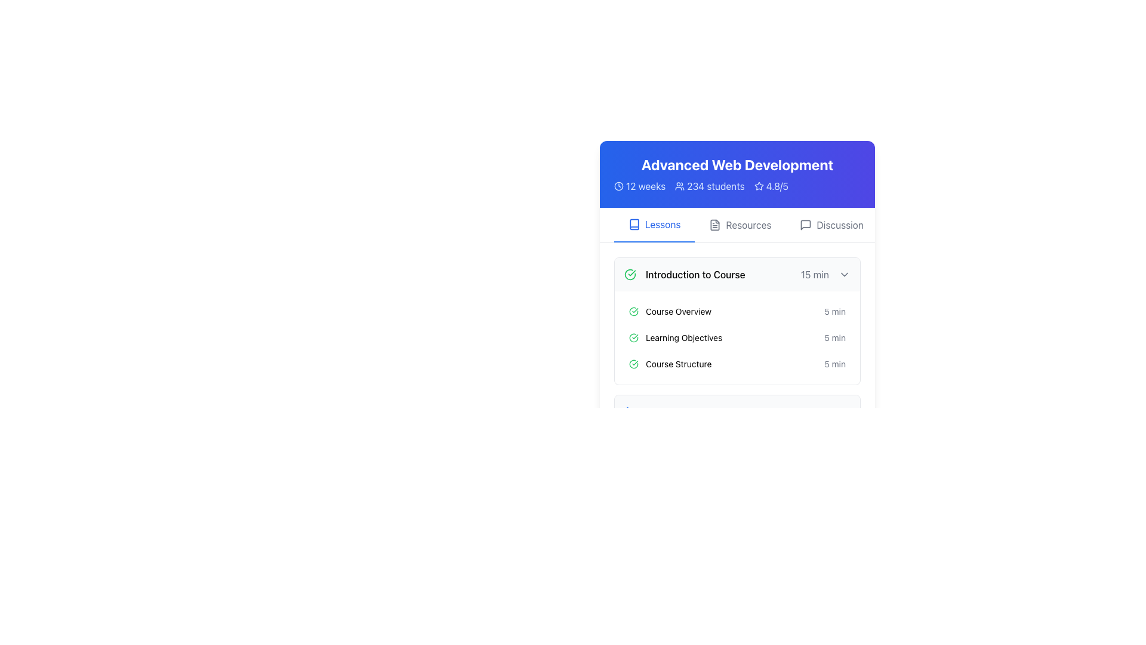  I want to click on the status indication icon next to the 'Introduction to Course' entry in the lesson list for completion status, so click(633, 311).